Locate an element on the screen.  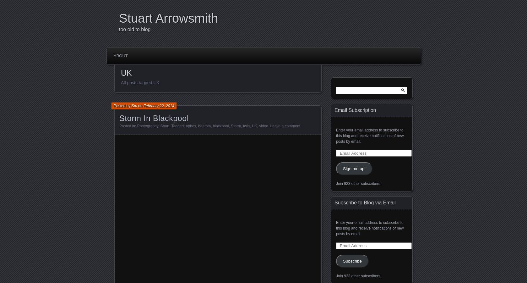
'Posted by' is located at coordinates (122, 105).